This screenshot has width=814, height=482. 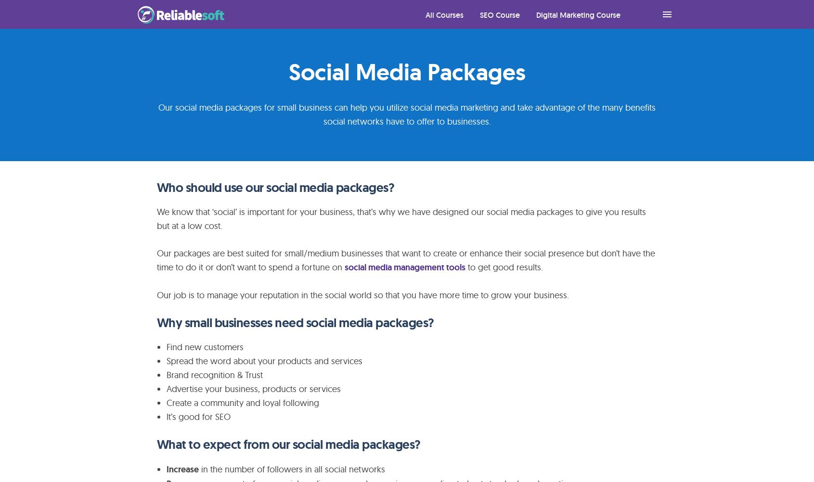 I want to click on 'Our job is to manage your reputation in the social world so that you have more time to grow your business.', so click(x=362, y=294).